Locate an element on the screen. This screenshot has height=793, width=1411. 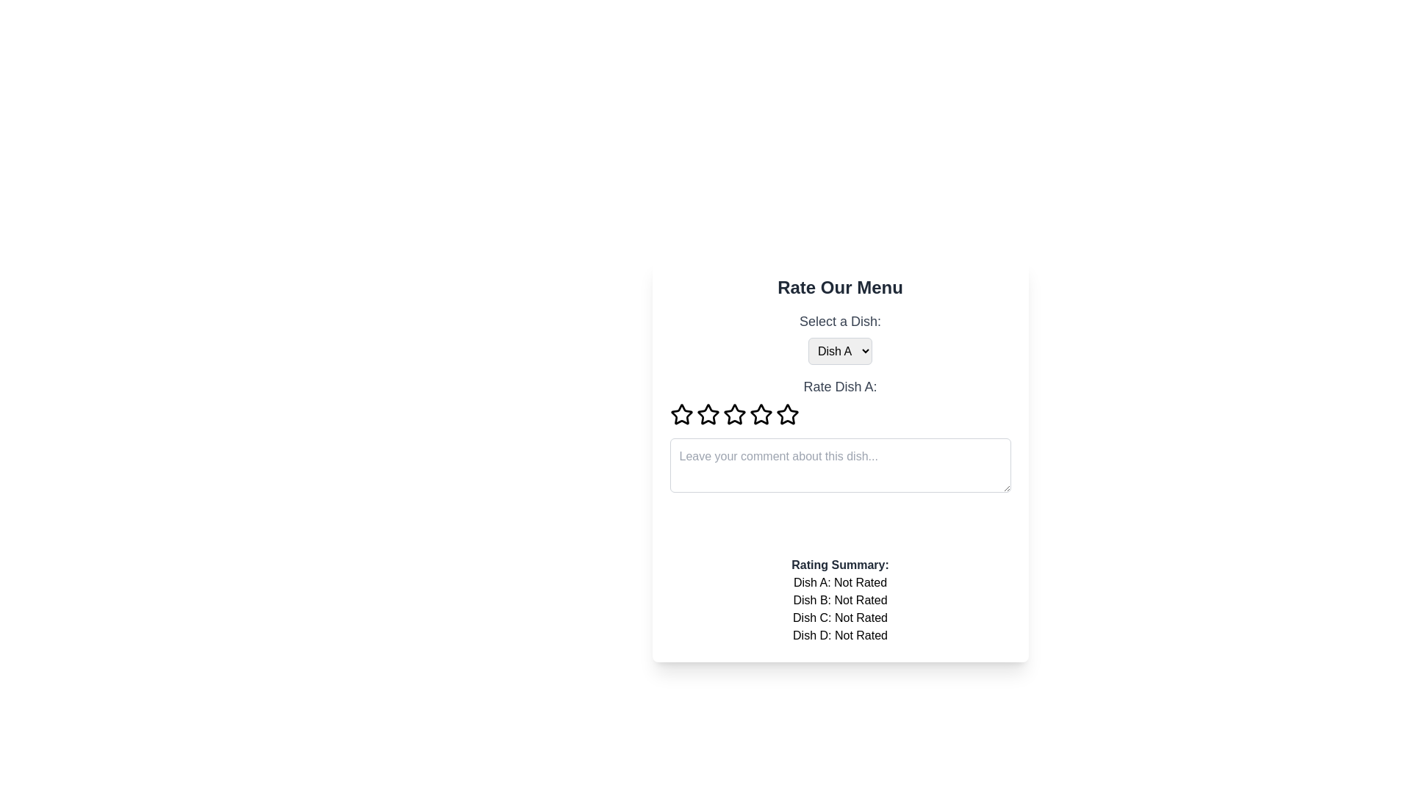
the second star icon in the rating system is located at coordinates (708, 414).